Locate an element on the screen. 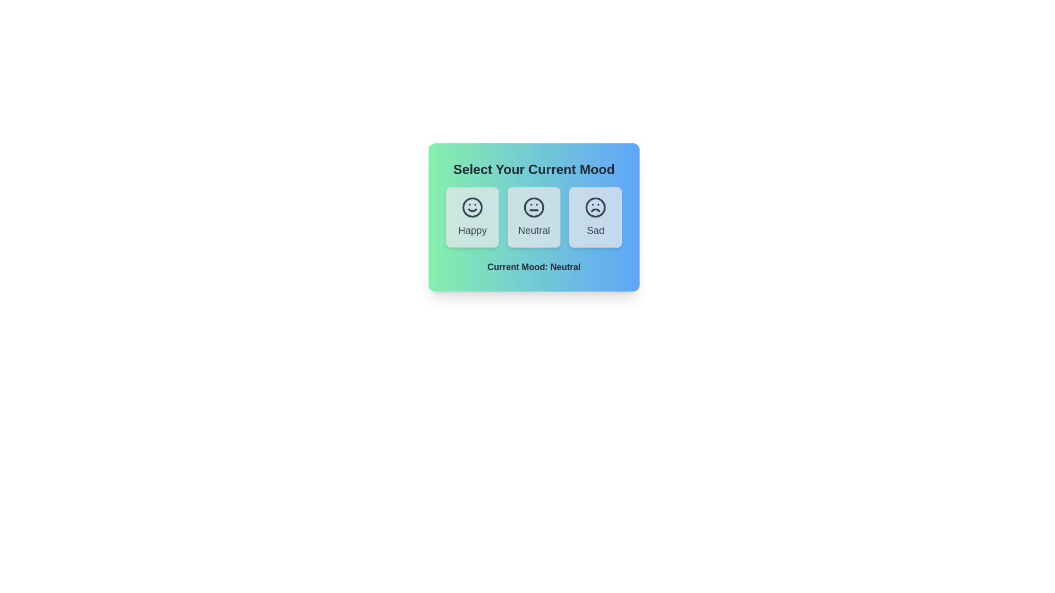 The height and width of the screenshot is (593, 1055). the mood button labeled Neutral is located at coordinates (534, 217).